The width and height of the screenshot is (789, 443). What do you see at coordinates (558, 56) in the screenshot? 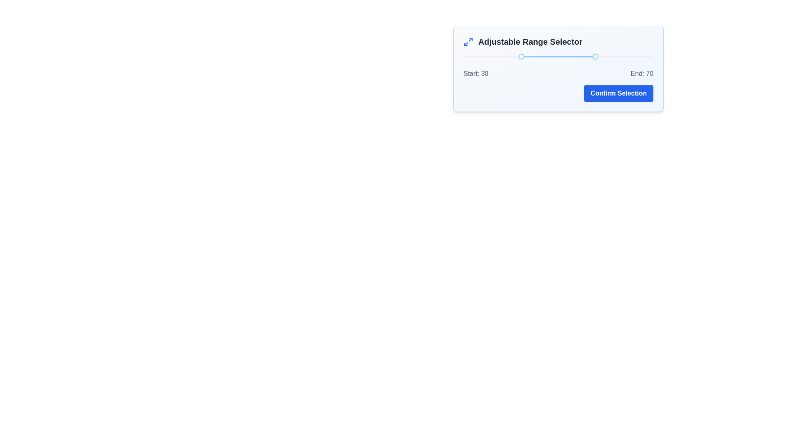
I see `the handles of the range slider located centrally between the labels 'Start: 30' and 'End: 70'` at bounding box center [558, 56].